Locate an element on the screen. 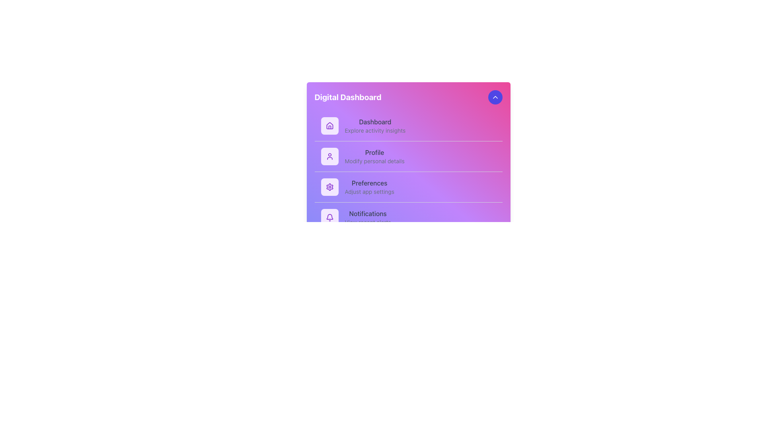 The image size is (764, 429). individual navigation links located in the central navigation menu of the 'Digital Dashboard' is located at coordinates (408, 171).